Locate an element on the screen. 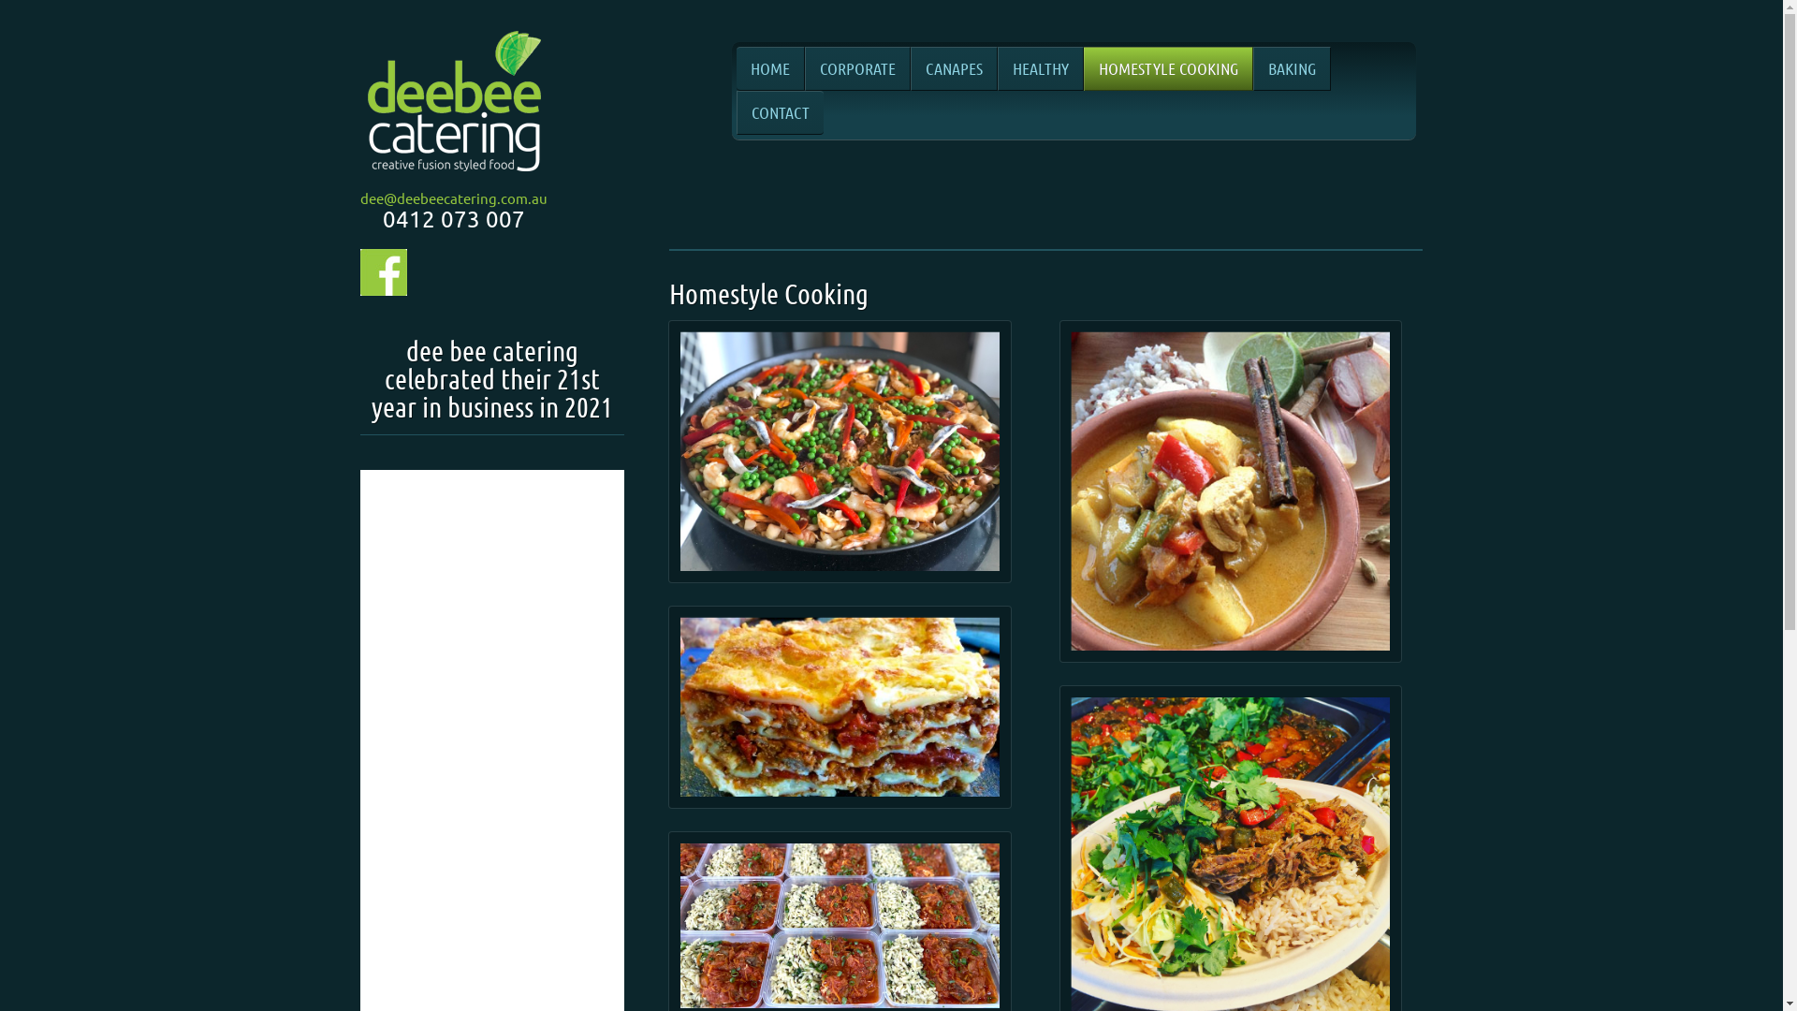 The height and width of the screenshot is (1011, 1797). 'CONTACT' is located at coordinates (736, 112).